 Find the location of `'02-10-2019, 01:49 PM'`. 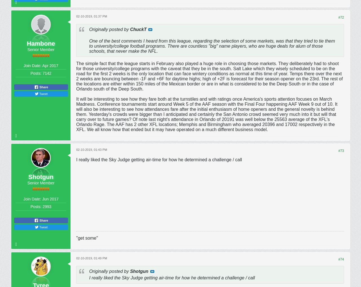

'02-10-2019, 01:49 PM' is located at coordinates (91, 258).